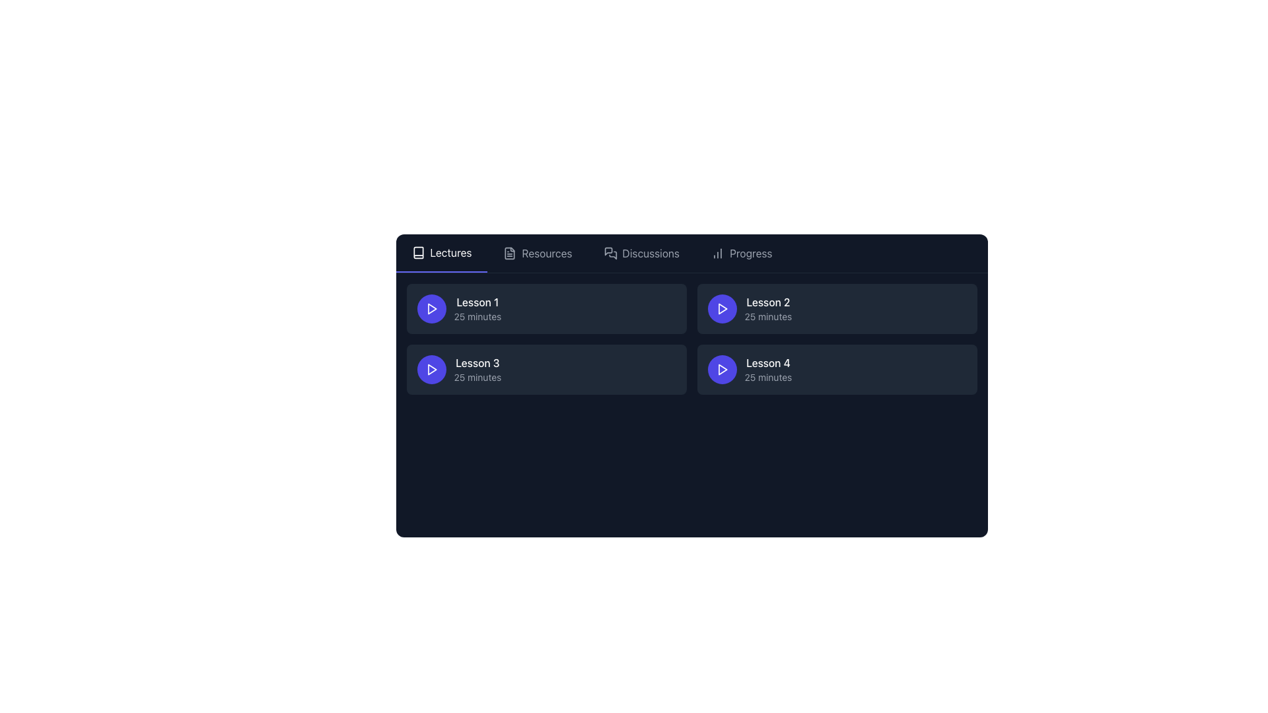  Describe the element at coordinates (836, 308) in the screenshot. I see `the clickable block representing Lesson 2, located in the top-right section of the grid` at that location.